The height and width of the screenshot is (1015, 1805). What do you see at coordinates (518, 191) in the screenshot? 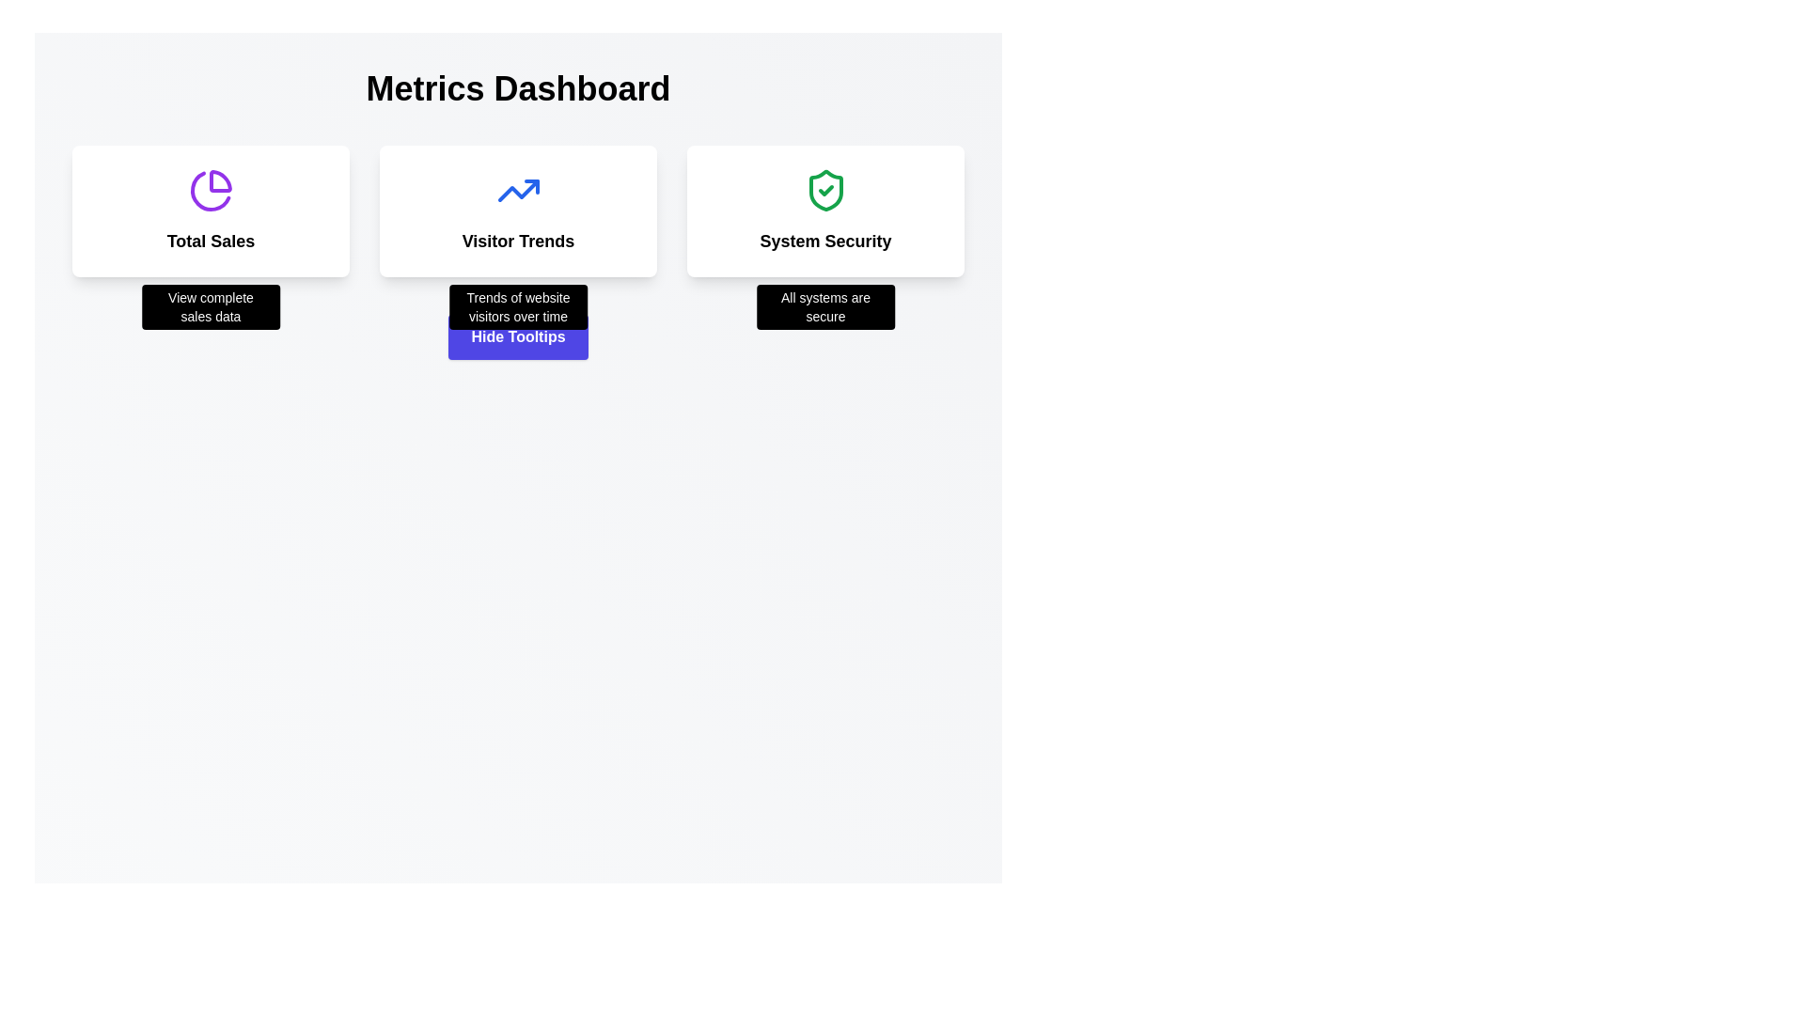
I see `the blue upward-trending zigzag-shaped icon located above the 'Visitor Trends' text in the 'Metrics Dashboard' interface` at bounding box center [518, 191].